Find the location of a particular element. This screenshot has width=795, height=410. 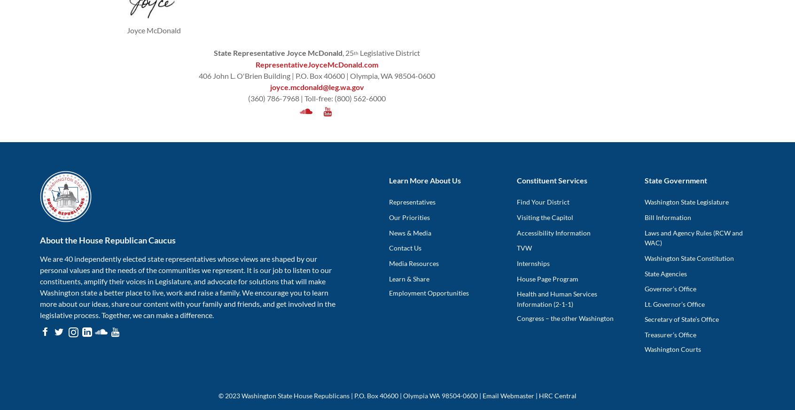

'Governor’s Office' is located at coordinates (644, 288).